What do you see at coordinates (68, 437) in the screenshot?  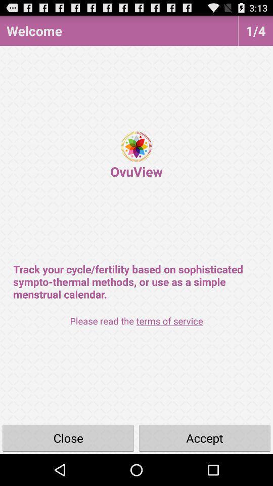 I see `the item next to accept icon` at bounding box center [68, 437].